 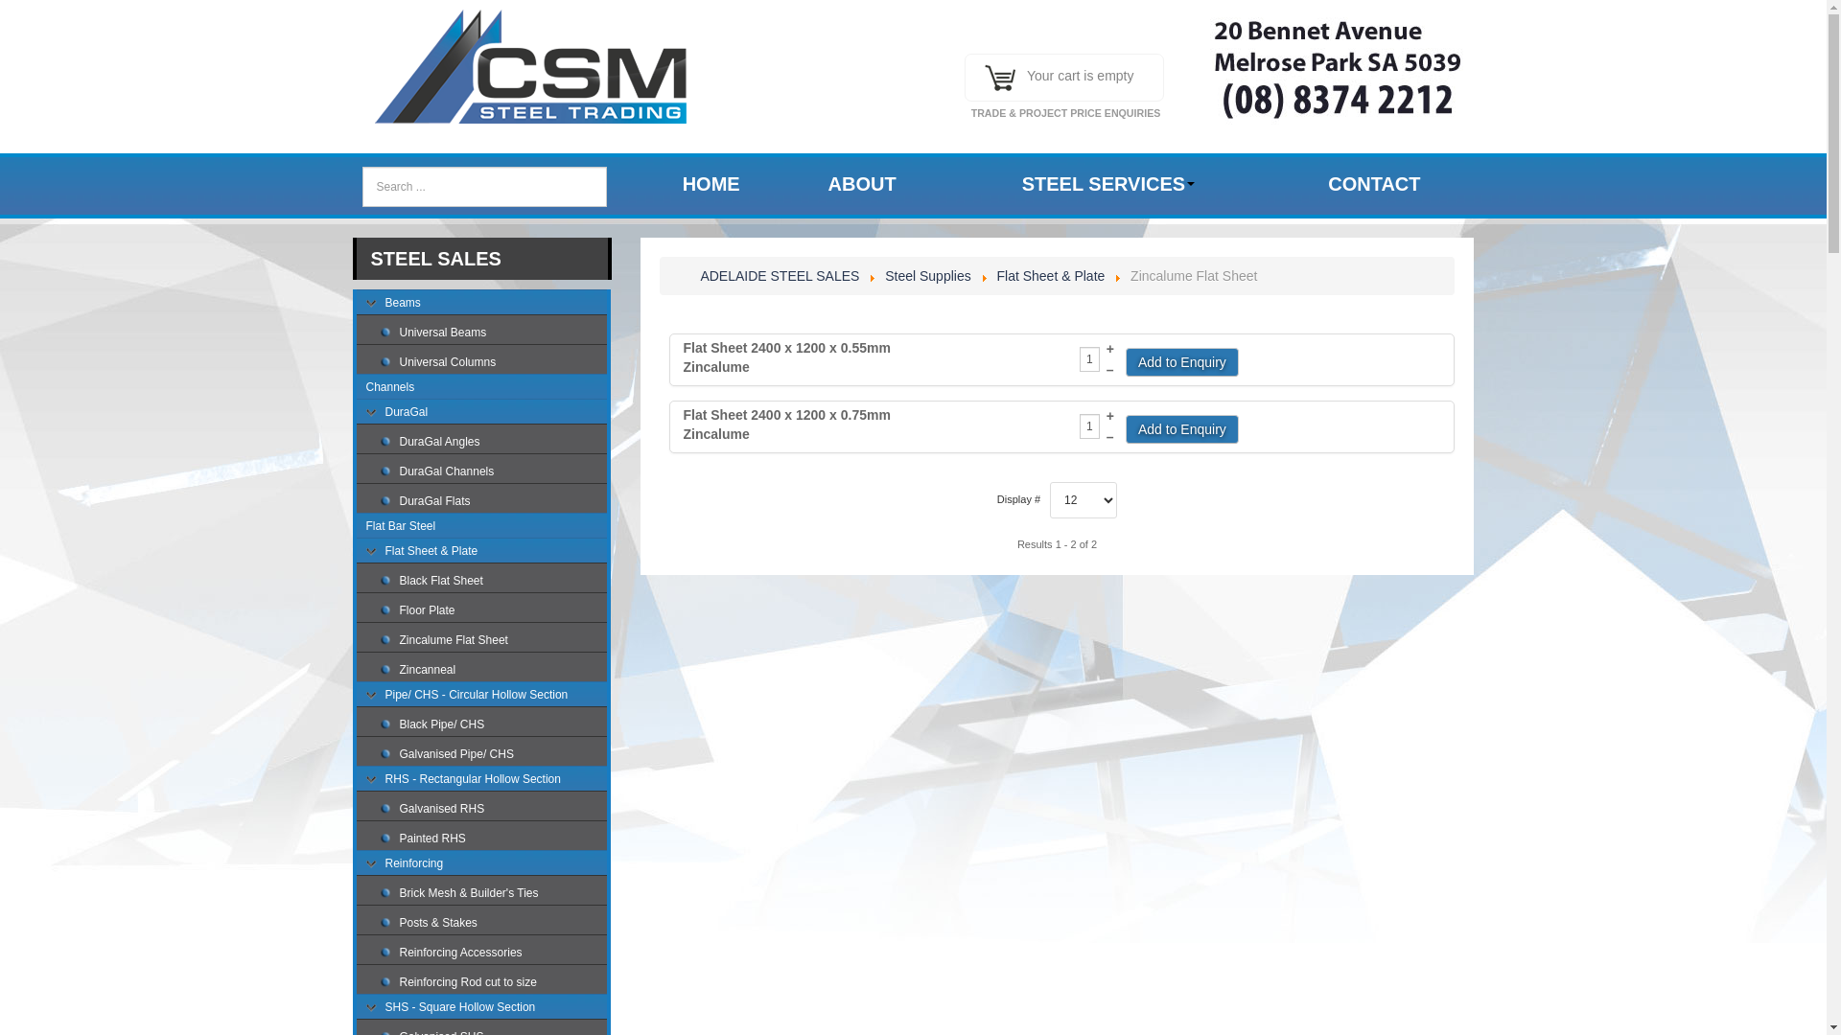 What do you see at coordinates (861, 184) in the screenshot?
I see `'ABOUT'` at bounding box center [861, 184].